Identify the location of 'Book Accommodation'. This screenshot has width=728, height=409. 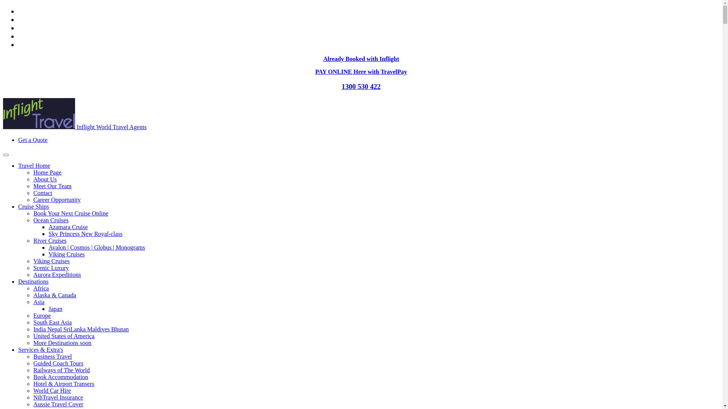
(60, 377).